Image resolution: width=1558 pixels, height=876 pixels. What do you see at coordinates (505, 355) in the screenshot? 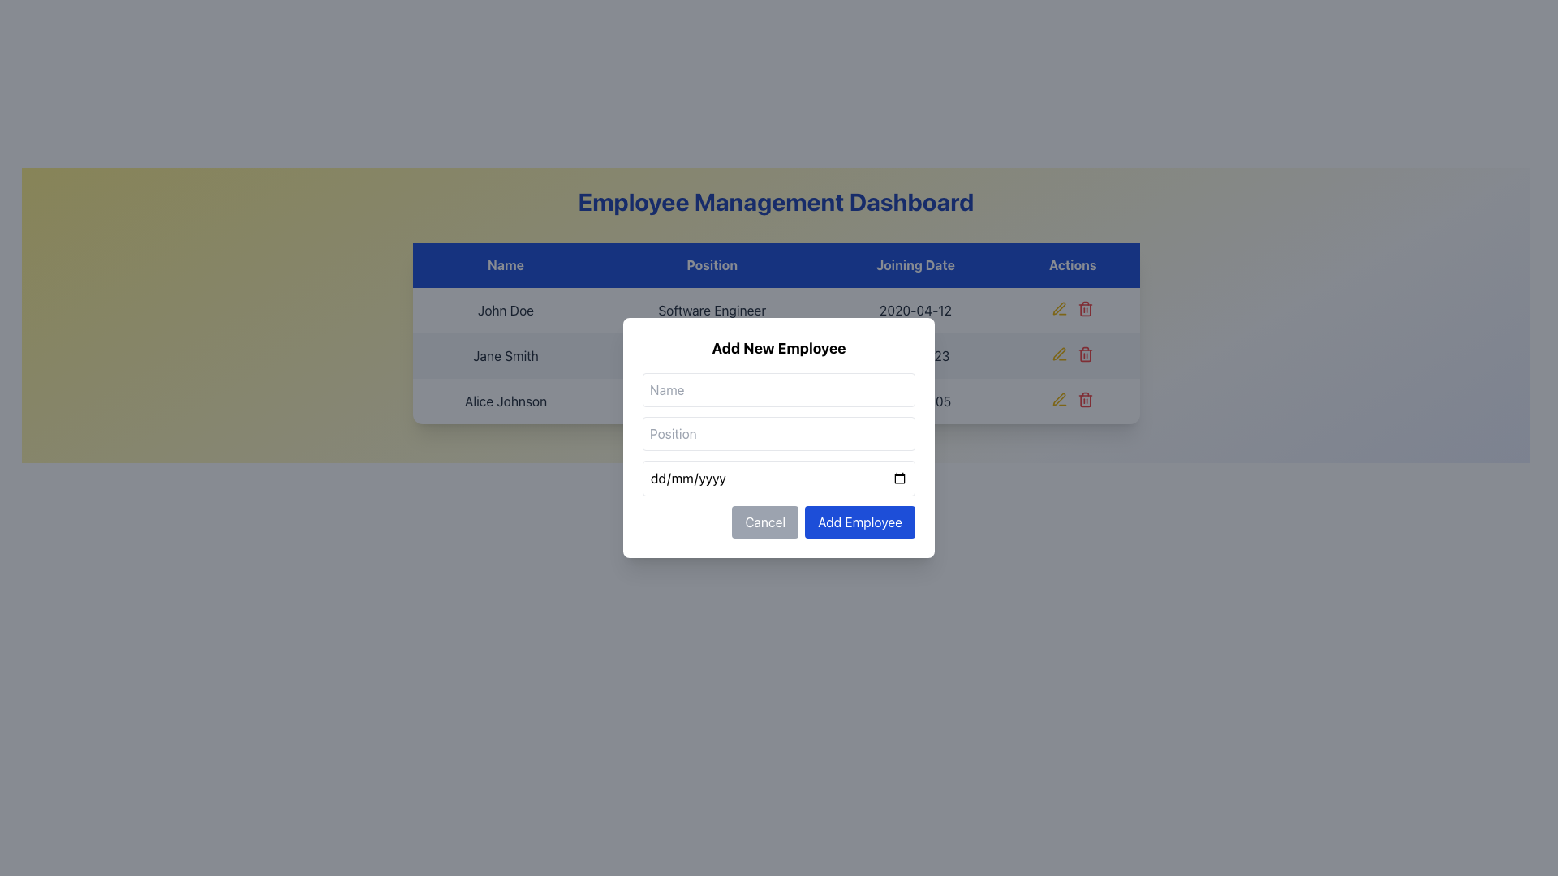
I see `the text label displaying 'Jane Smith' in the second row of the Employee Management Dashboard table` at bounding box center [505, 355].